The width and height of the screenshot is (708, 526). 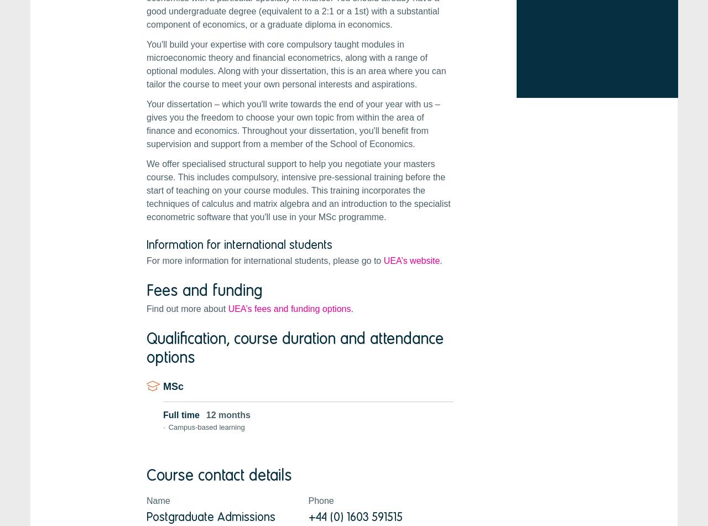 What do you see at coordinates (264, 260) in the screenshot?
I see `'For more information for international students, please go to'` at bounding box center [264, 260].